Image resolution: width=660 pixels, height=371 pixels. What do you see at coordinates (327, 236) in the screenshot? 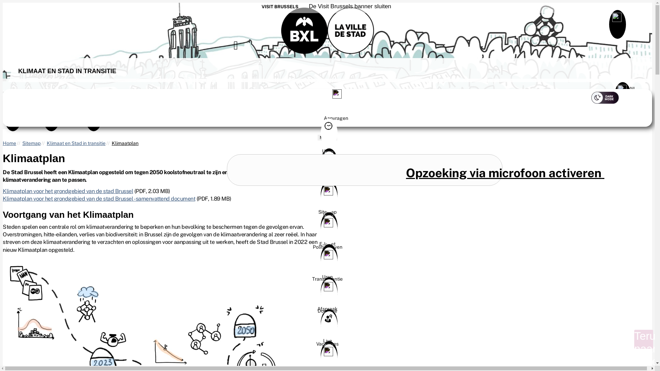
I see `'Politiek leven'` at bounding box center [327, 236].